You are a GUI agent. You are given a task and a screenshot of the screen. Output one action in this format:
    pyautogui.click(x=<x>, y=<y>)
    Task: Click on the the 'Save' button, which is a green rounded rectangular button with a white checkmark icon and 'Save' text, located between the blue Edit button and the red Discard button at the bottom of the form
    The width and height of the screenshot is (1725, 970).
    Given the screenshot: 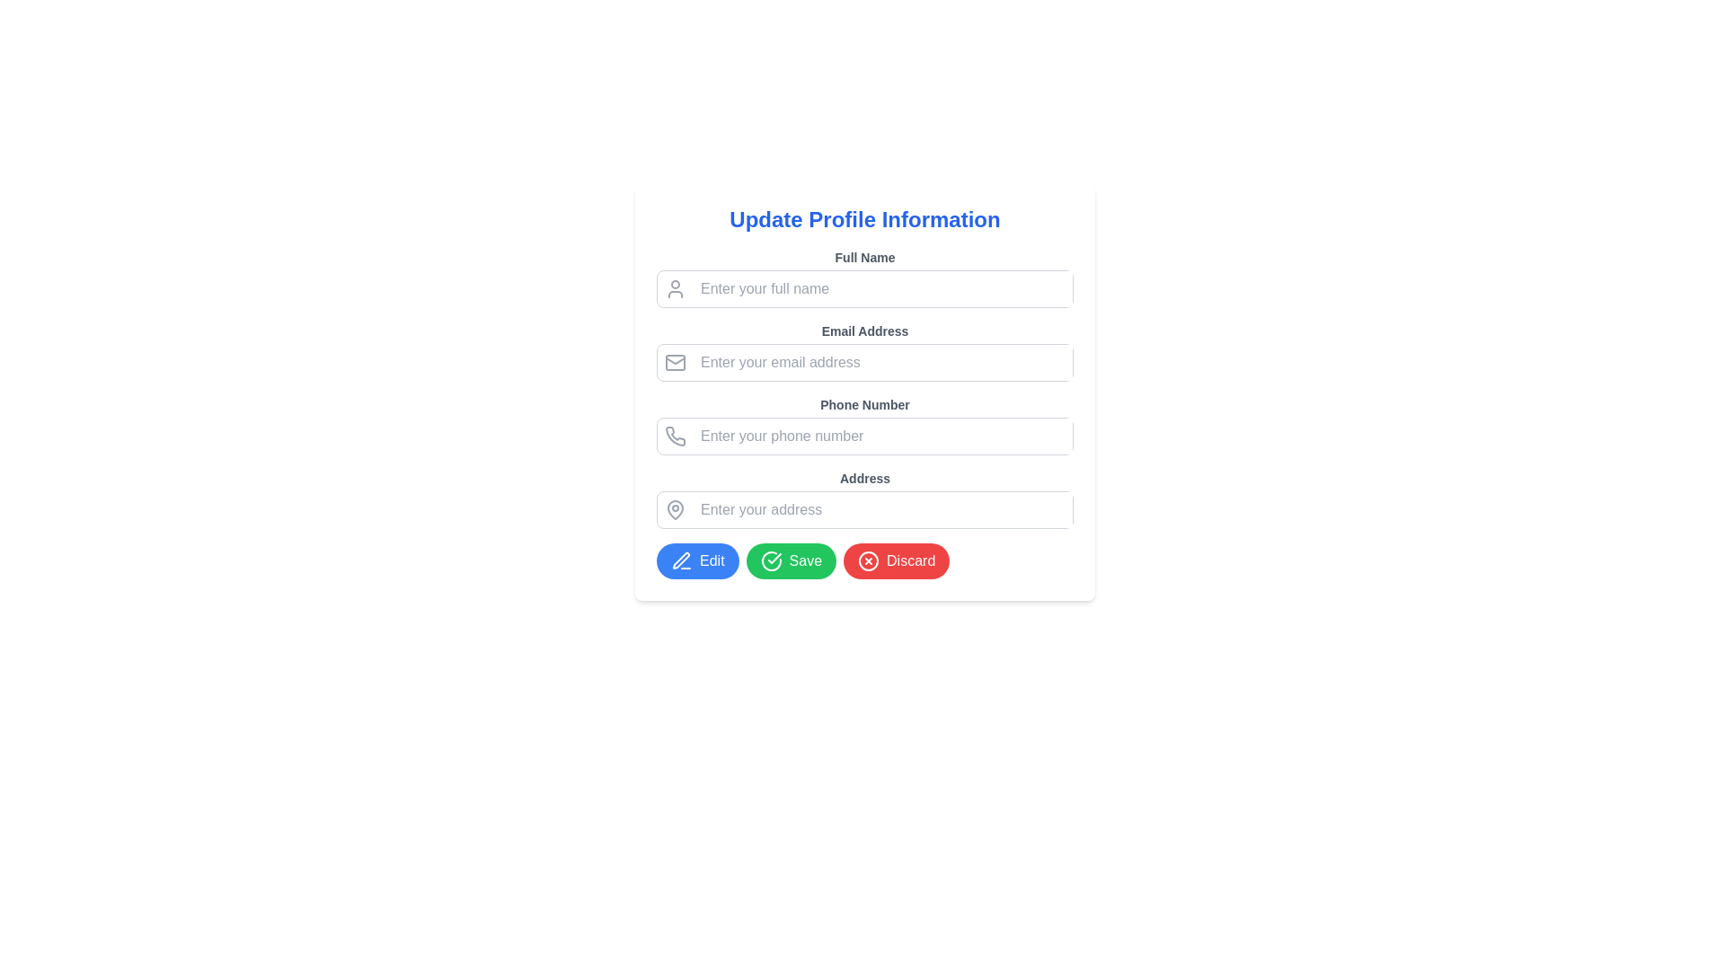 What is the action you would take?
    pyautogui.click(x=791, y=560)
    